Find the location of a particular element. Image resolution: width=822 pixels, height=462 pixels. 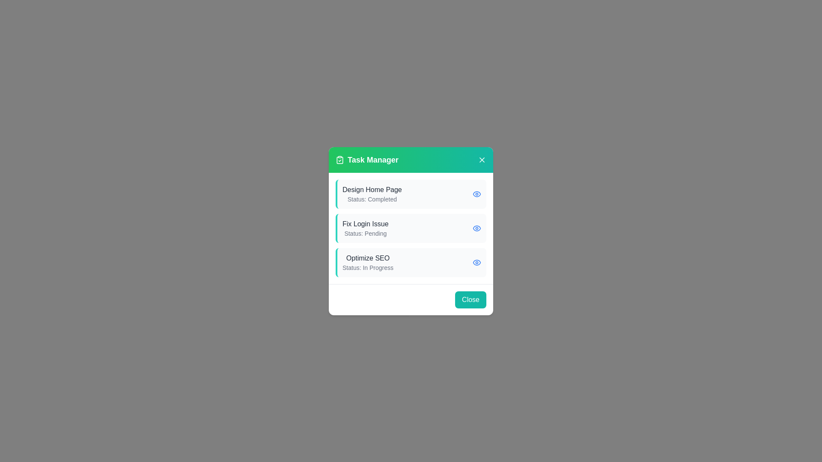

the informational text label indicating the status of the task 'Fix Login Issue', which is currently marked as 'Pending' is located at coordinates (365, 233).